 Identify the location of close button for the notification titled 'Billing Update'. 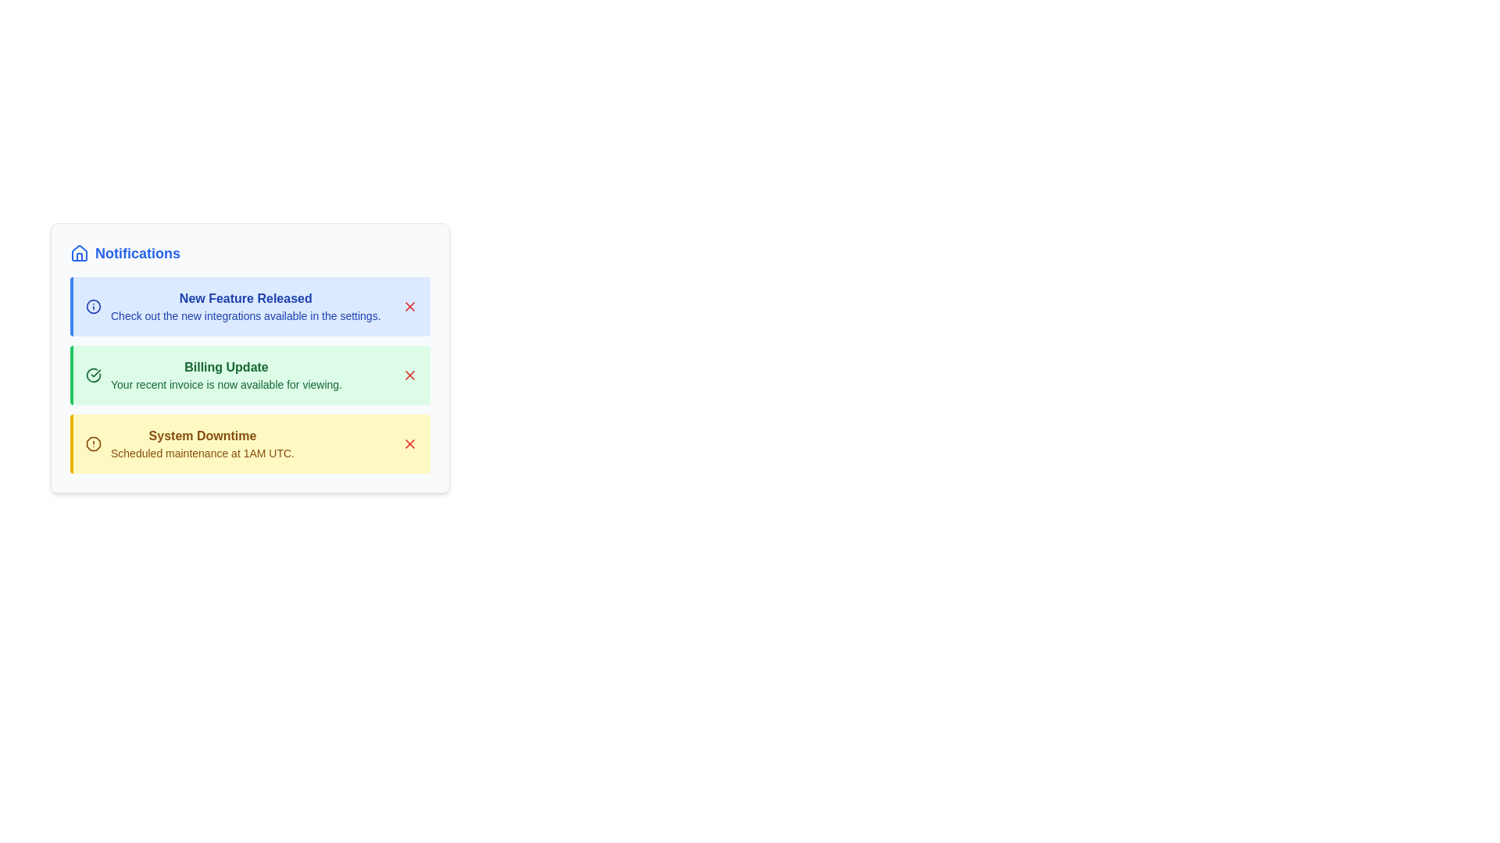
(409, 375).